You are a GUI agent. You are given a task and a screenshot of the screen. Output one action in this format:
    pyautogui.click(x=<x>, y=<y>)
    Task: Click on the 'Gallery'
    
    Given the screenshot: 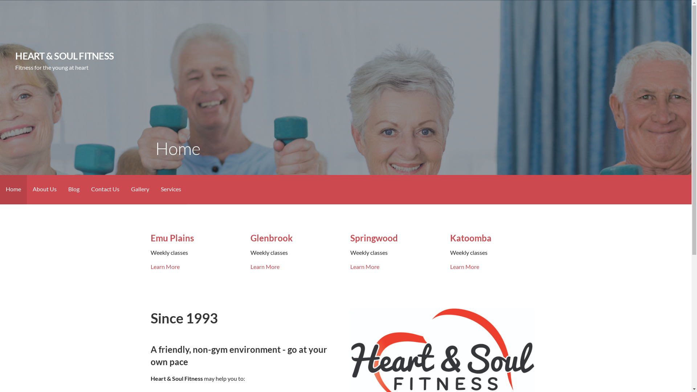 What is the action you would take?
    pyautogui.click(x=140, y=189)
    